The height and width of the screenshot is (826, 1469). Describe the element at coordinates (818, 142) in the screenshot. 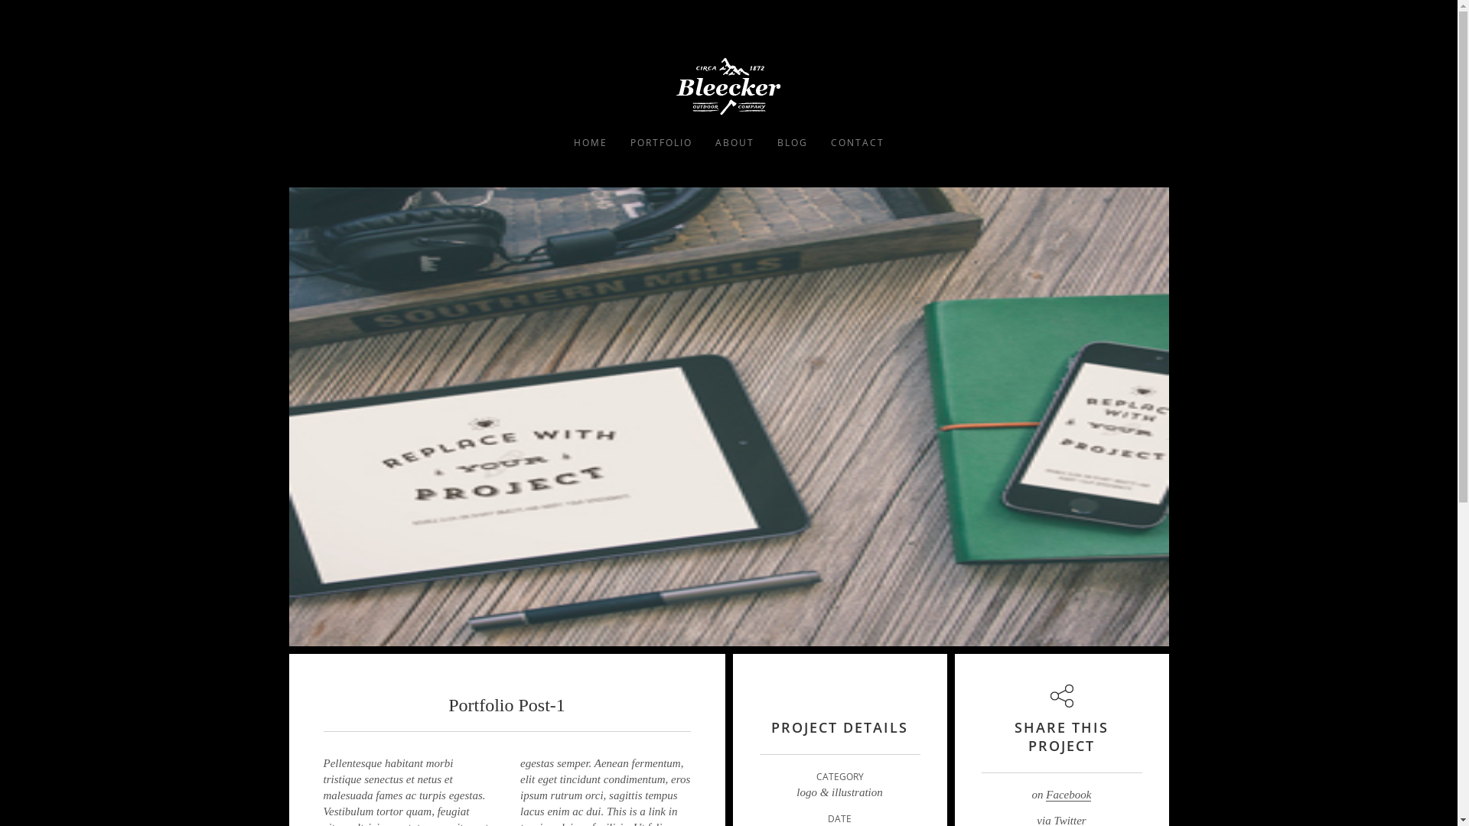

I see `'CONTACT'` at that location.